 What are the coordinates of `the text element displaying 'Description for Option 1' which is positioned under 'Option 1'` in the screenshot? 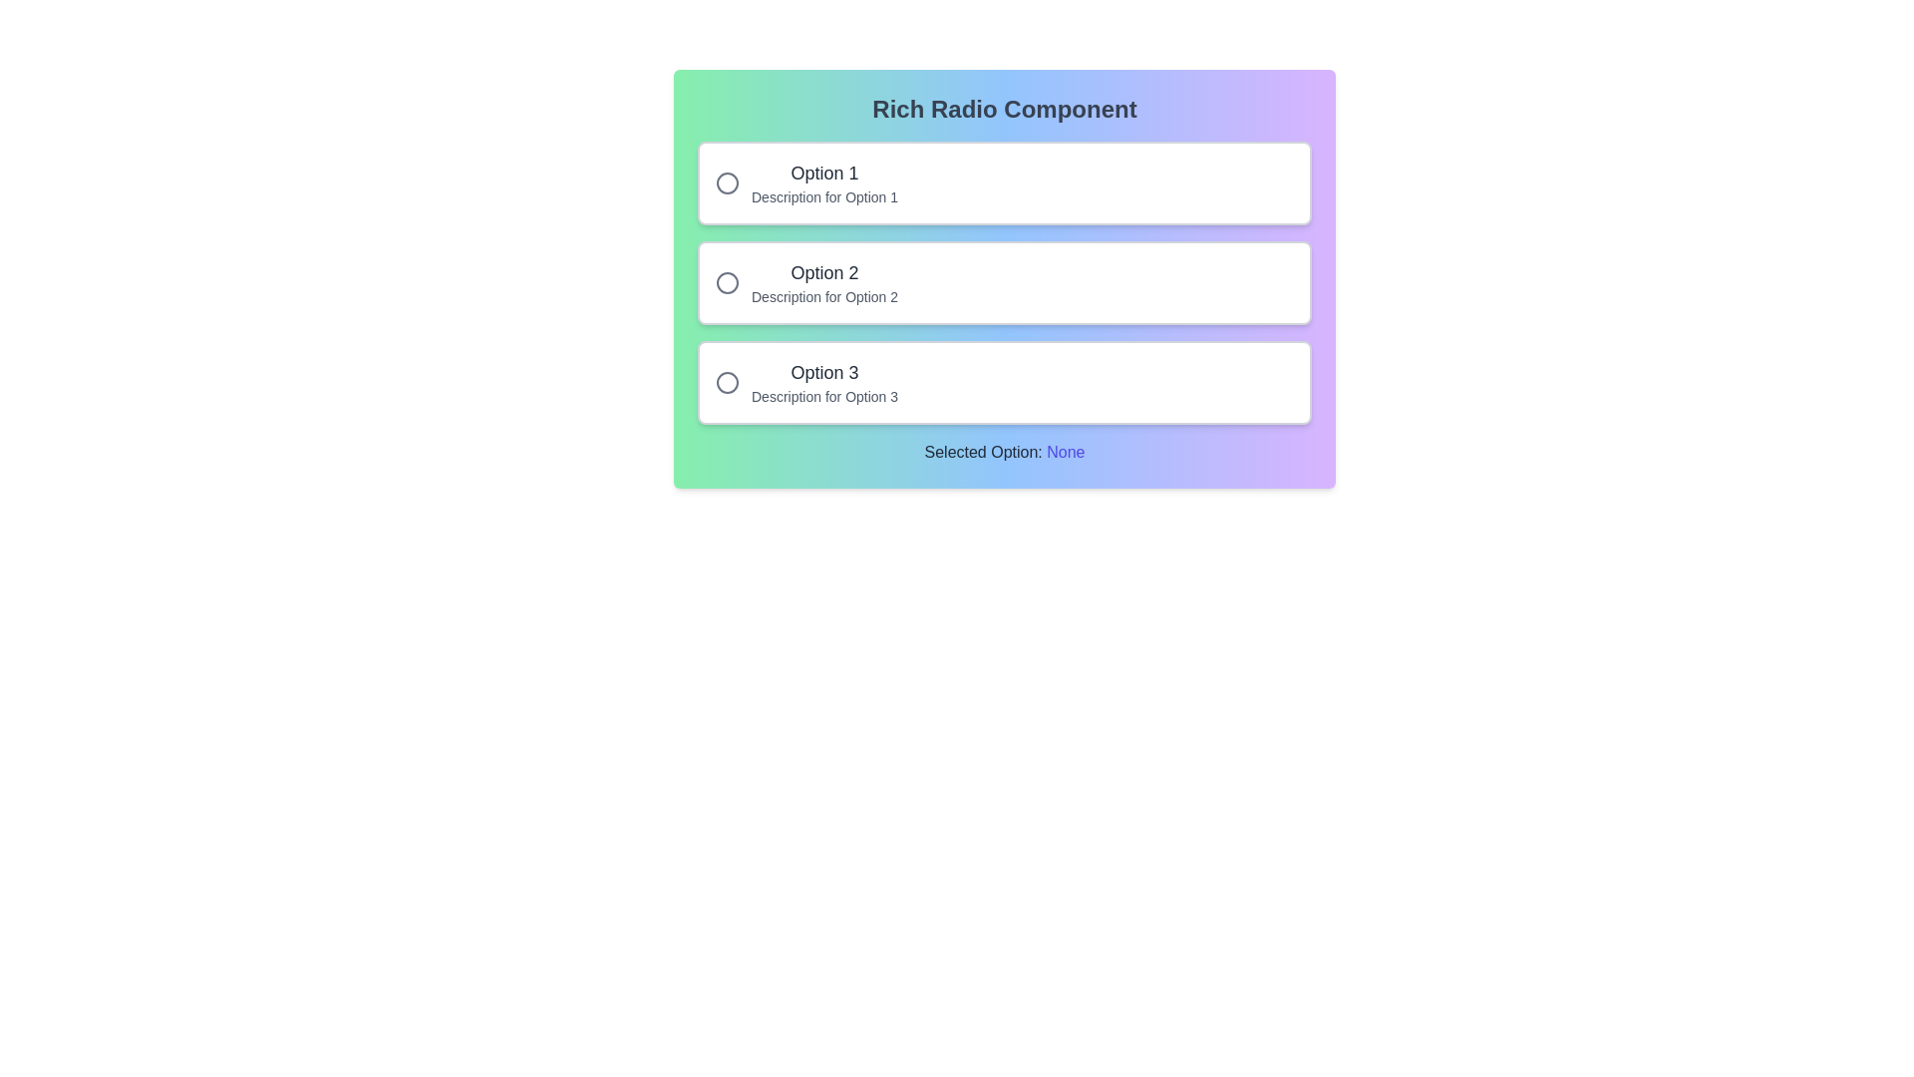 It's located at (824, 196).